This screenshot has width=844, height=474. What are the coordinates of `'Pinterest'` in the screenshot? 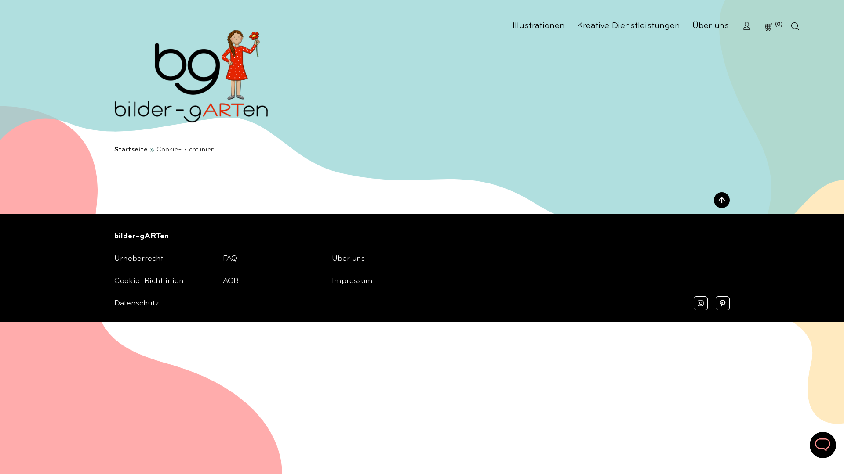 It's located at (722, 302).